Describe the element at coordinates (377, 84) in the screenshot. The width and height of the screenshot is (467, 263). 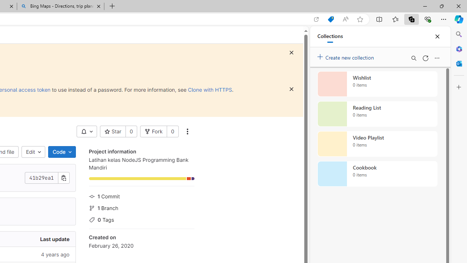
I see `'Wishlist collection, 0 items'` at that location.